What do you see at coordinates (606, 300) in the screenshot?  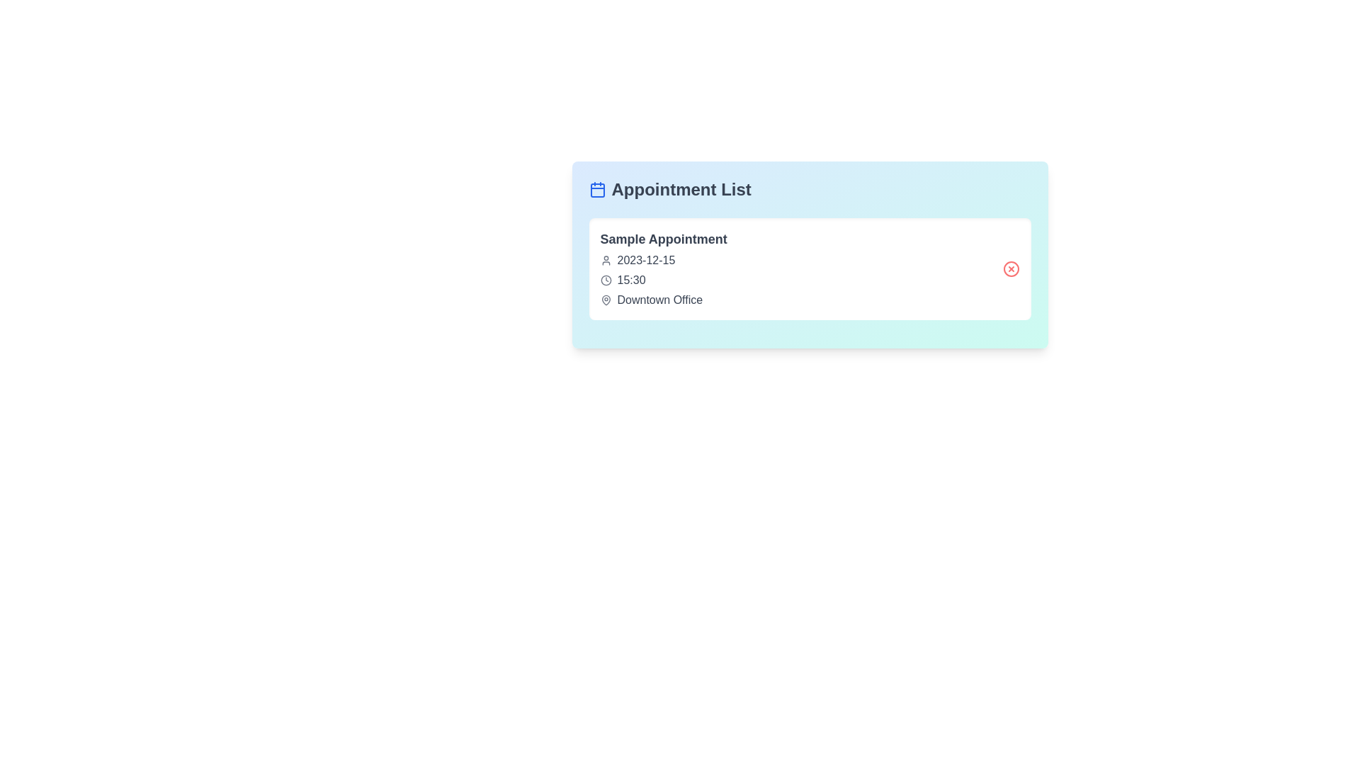 I see `the map pin icon located to the left of the text 'Downtown Office' in the appointment card` at bounding box center [606, 300].